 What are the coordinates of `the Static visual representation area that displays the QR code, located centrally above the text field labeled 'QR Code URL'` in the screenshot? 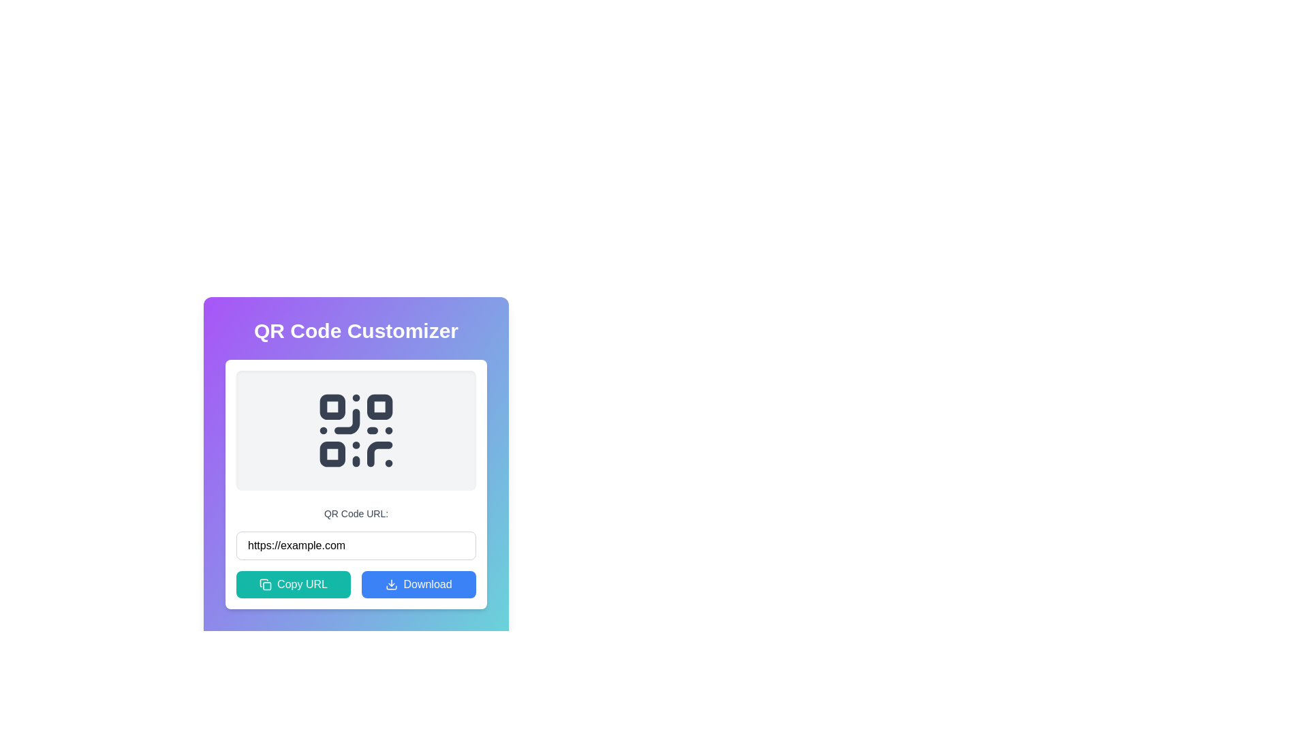 It's located at (356, 431).